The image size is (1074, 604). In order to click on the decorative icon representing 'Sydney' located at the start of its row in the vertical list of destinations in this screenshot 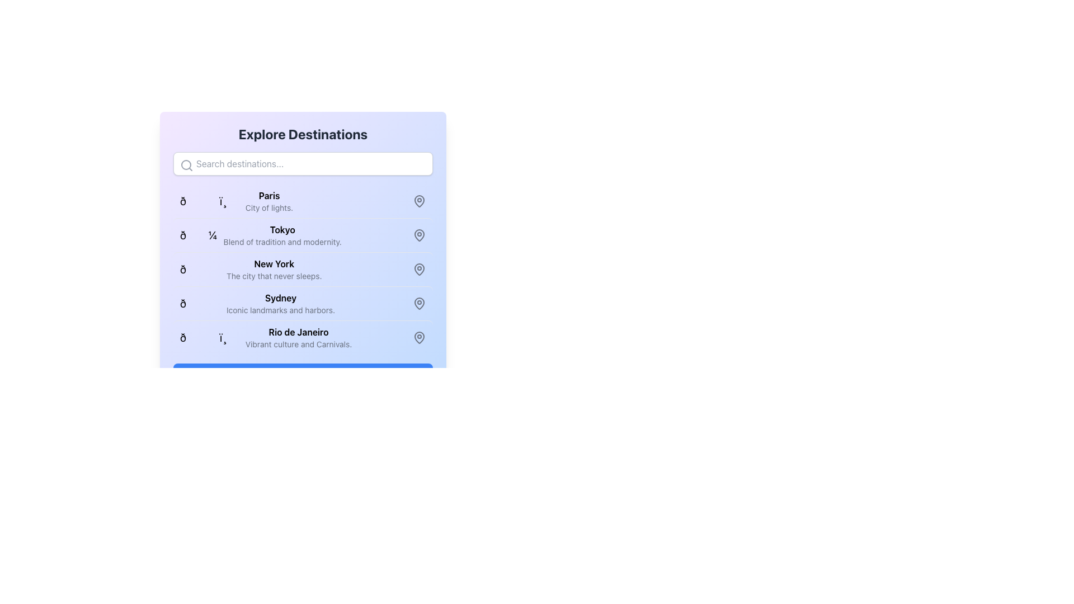, I will do `click(200, 304)`.